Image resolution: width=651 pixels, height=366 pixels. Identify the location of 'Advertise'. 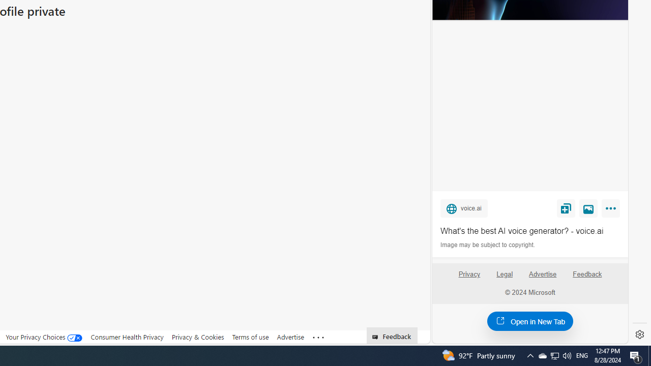
(542, 278).